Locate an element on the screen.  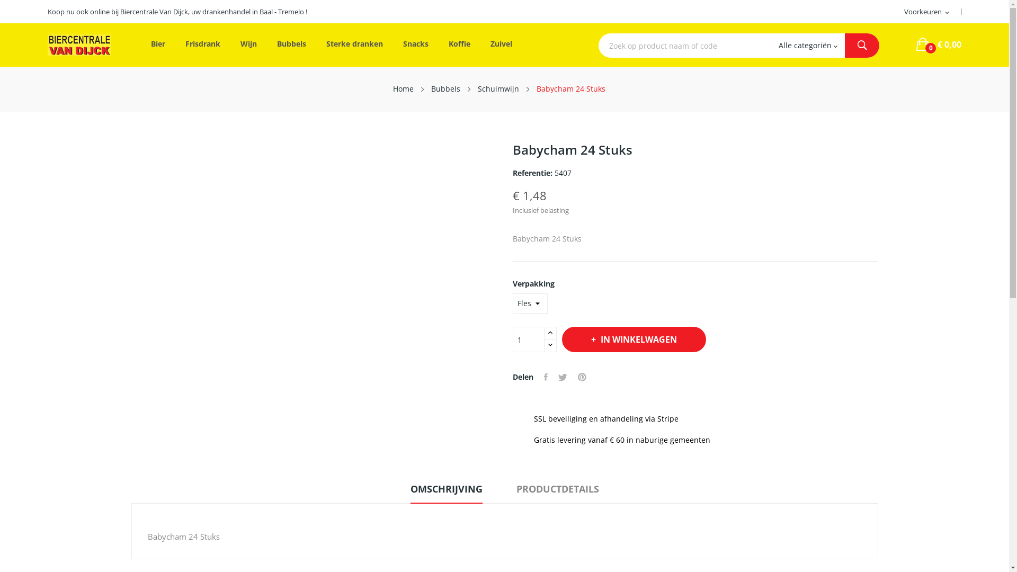
'Tweet' is located at coordinates (562, 377).